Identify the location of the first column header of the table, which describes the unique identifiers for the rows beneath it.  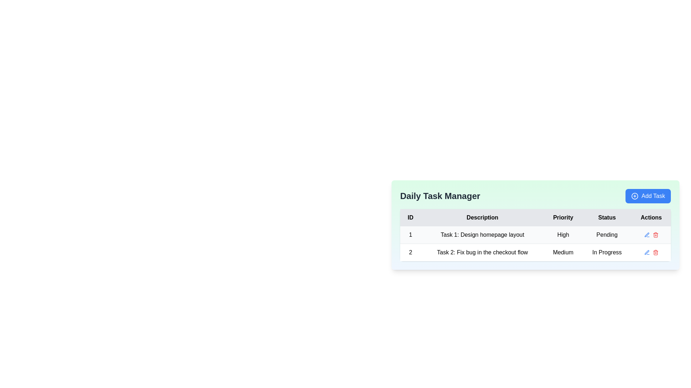
(410, 217).